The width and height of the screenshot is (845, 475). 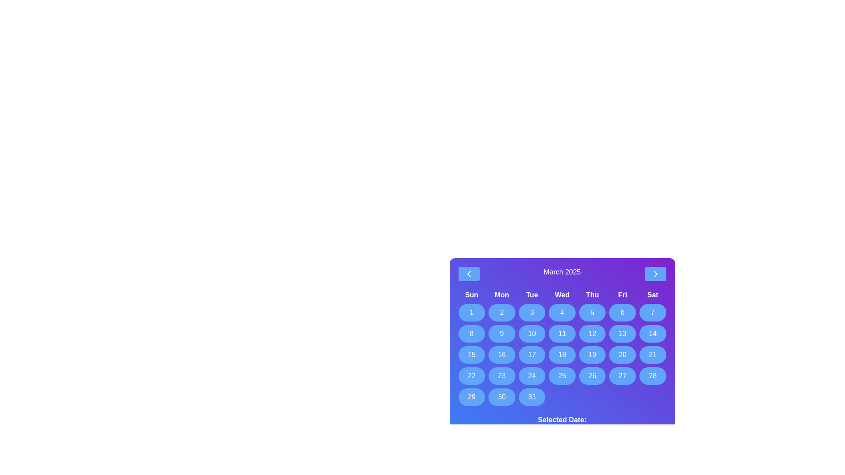 I want to click on the circular button styled with a blue gradient background and a white number '11' at its center, located under the 'Wed' column in the calendar view to change its background color, so click(x=562, y=334).